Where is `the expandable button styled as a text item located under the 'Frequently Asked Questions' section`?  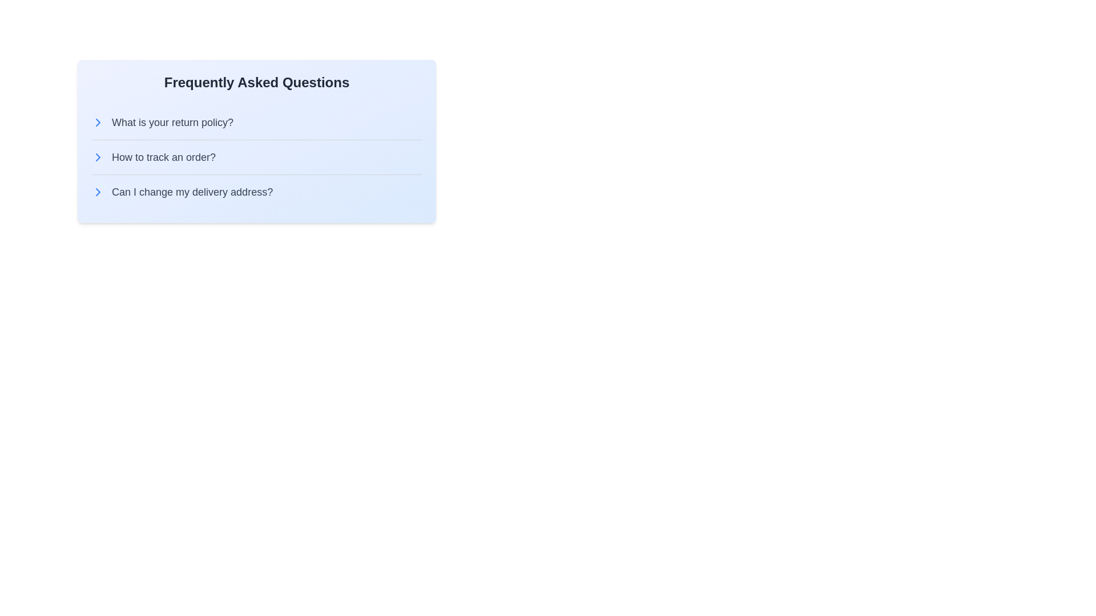
the expandable button styled as a text item located under the 'Frequently Asked Questions' section is located at coordinates (256, 191).